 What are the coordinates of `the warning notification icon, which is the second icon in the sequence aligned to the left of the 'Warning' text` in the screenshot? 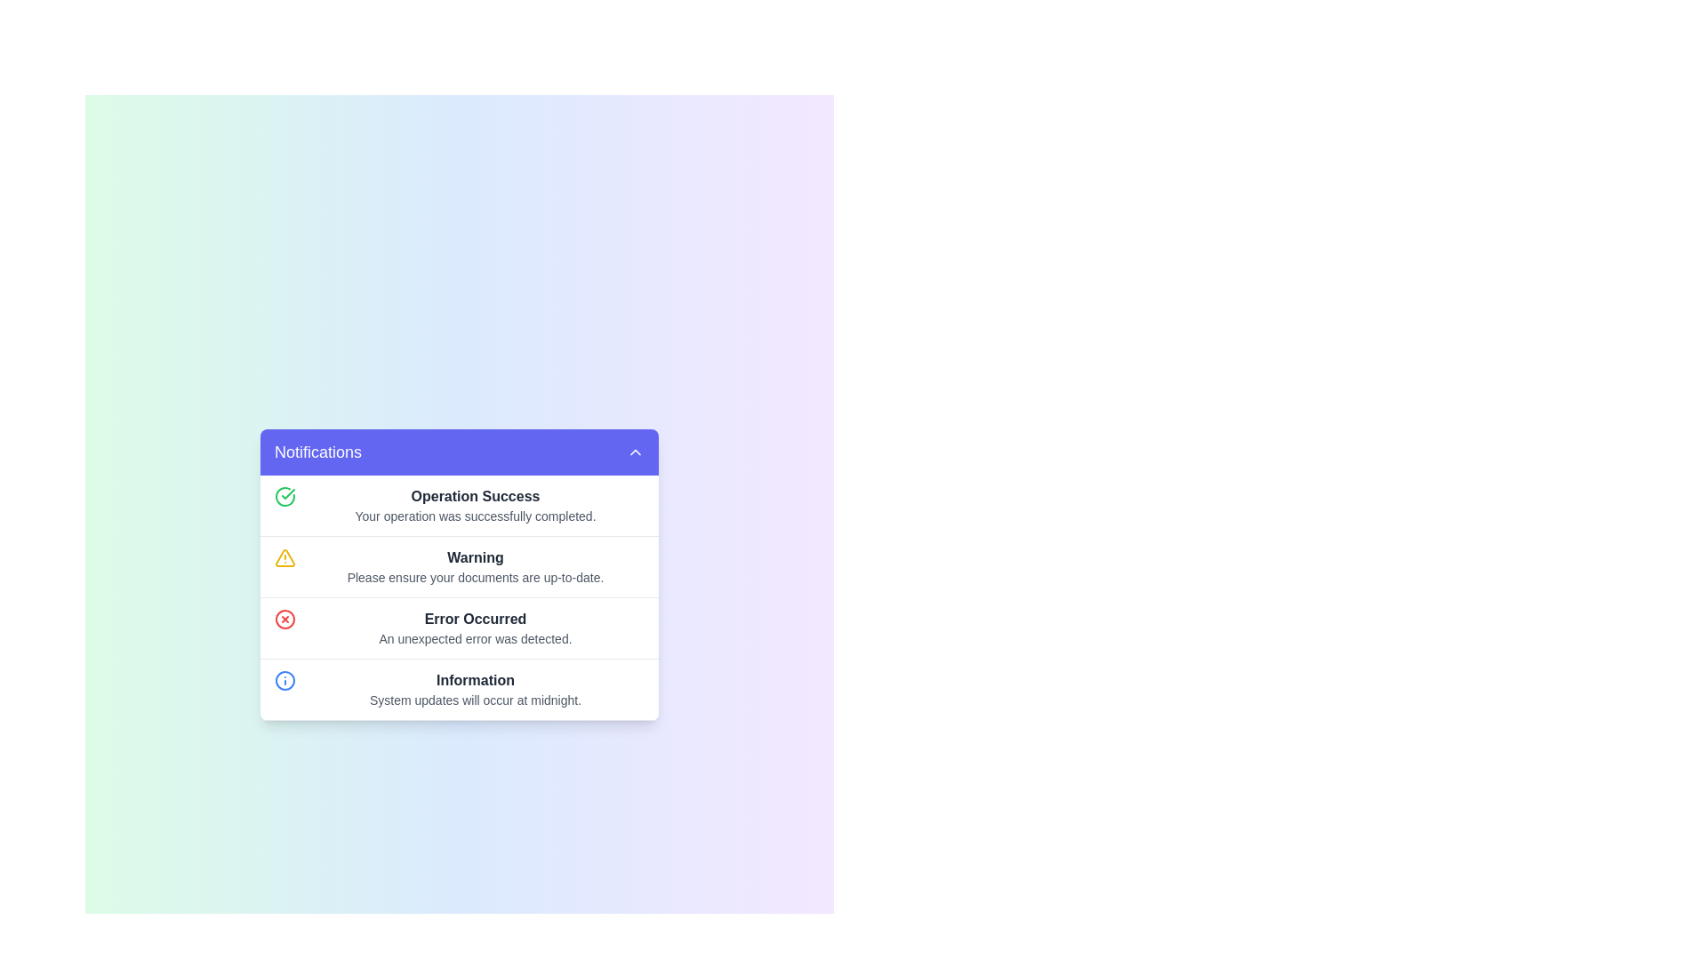 It's located at (285, 557).